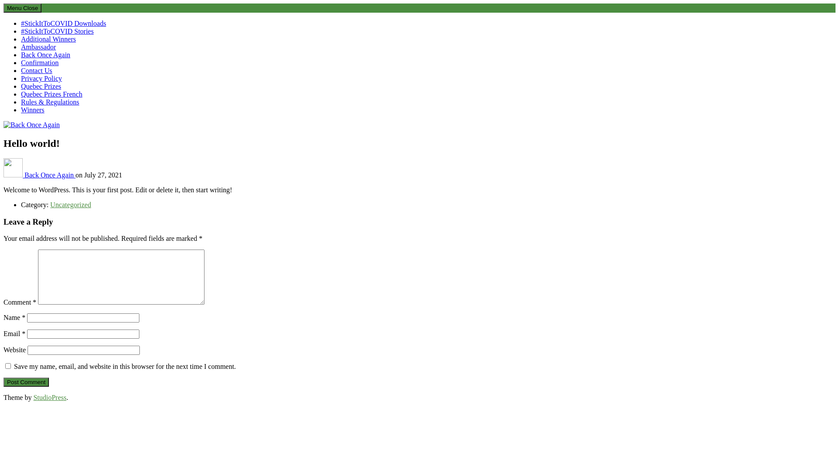 This screenshot has height=472, width=839. I want to click on 'Contact Us', so click(36, 70).